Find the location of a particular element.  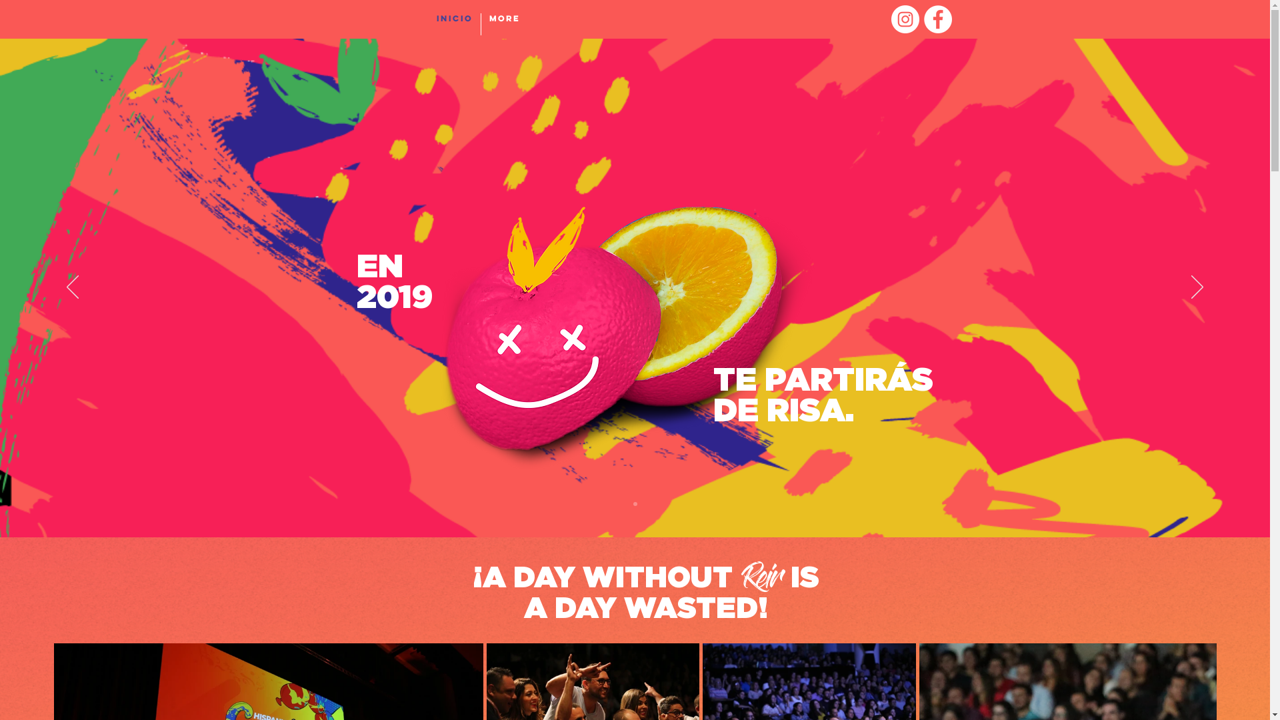

'Inicio' is located at coordinates (454, 24).